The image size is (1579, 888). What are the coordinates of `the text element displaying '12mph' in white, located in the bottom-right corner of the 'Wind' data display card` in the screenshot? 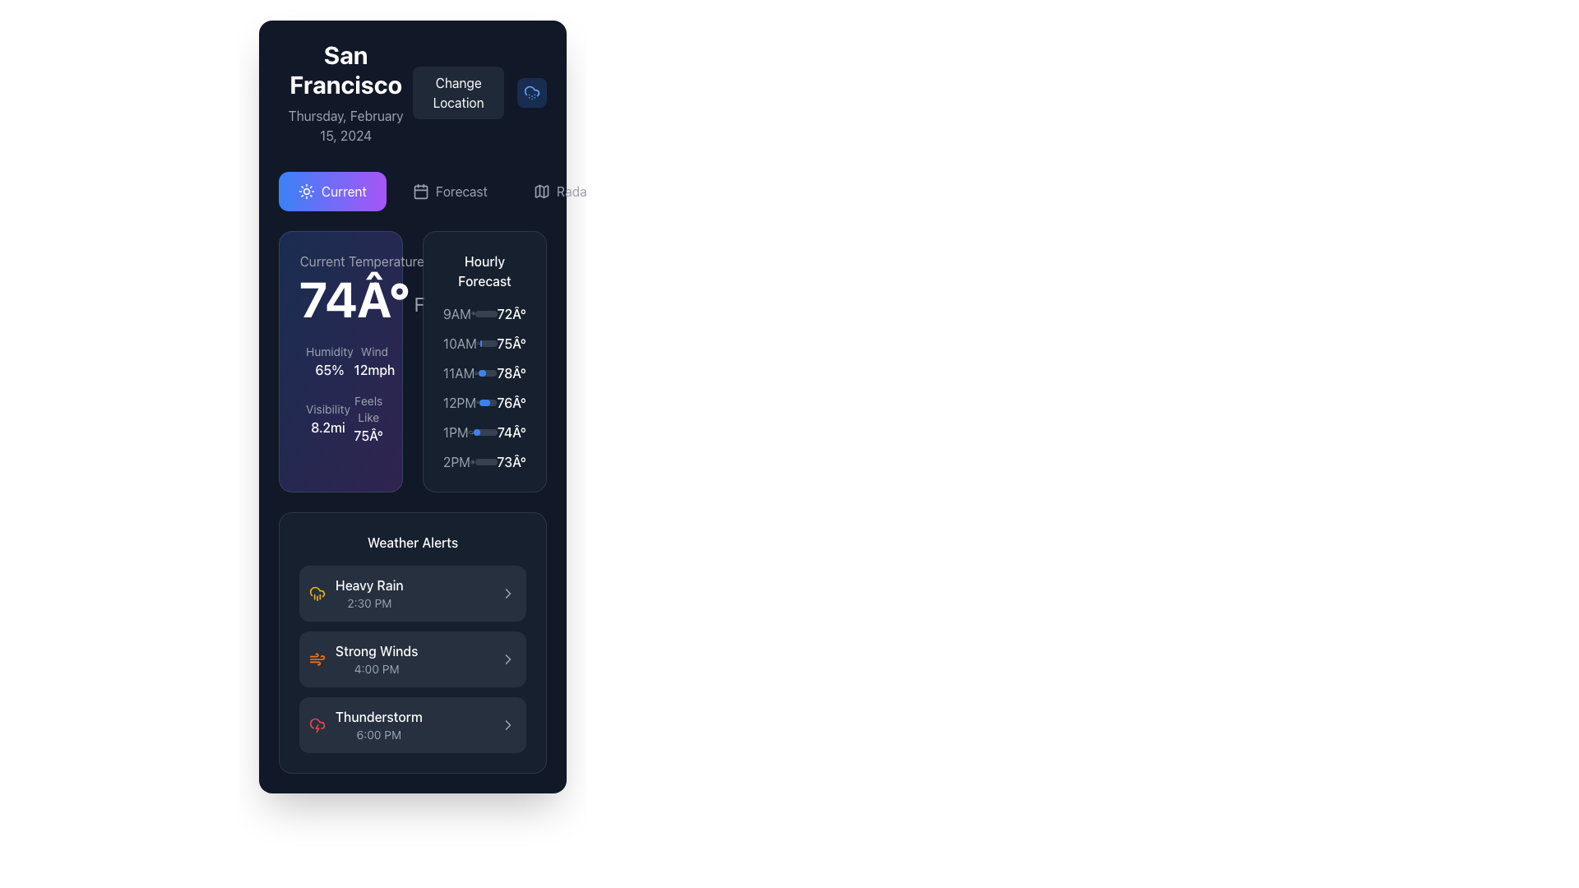 It's located at (363, 360).